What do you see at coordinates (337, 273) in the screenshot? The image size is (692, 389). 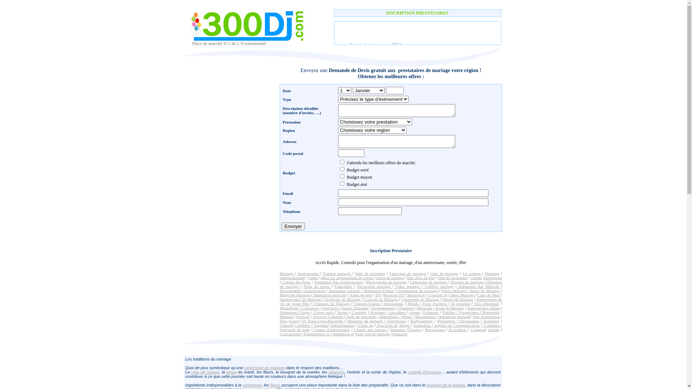 I see `'Traiteur mariage'` at bounding box center [337, 273].